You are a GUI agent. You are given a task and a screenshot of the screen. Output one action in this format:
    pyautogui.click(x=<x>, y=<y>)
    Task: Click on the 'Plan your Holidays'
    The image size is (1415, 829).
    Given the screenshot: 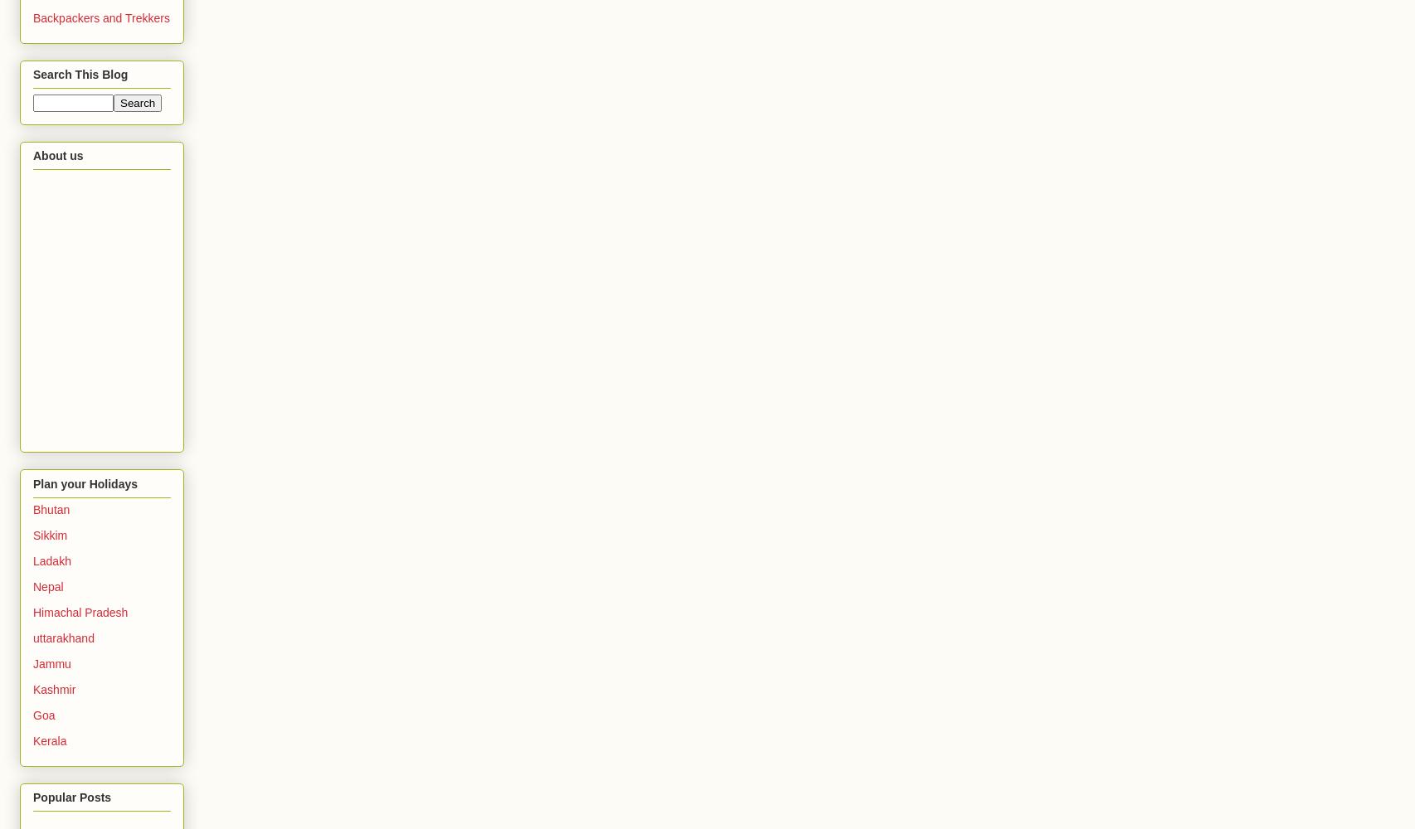 What is the action you would take?
    pyautogui.click(x=32, y=482)
    